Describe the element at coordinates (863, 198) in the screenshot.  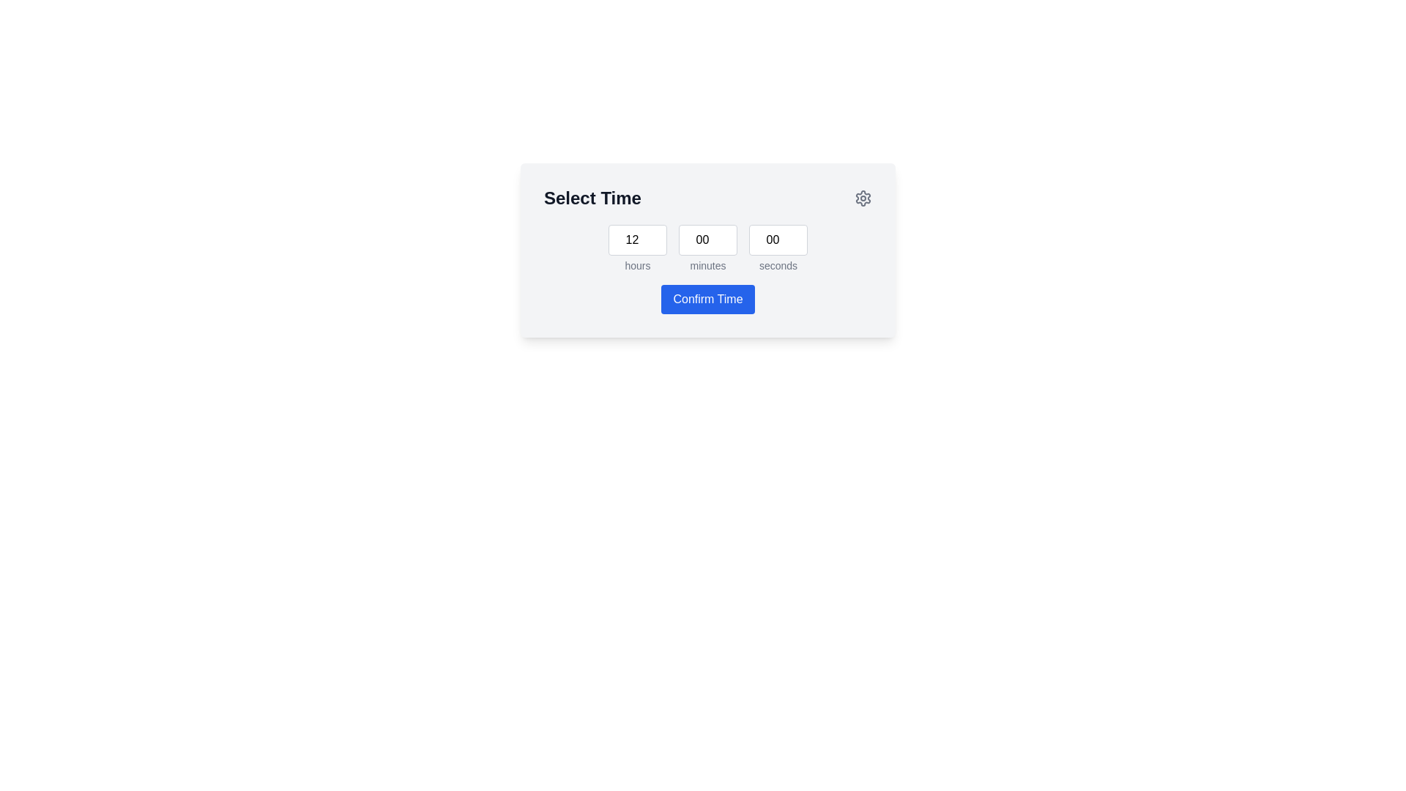
I see `the gear icon styled in line art design, positioned to the right of the text 'Select Time'` at that location.